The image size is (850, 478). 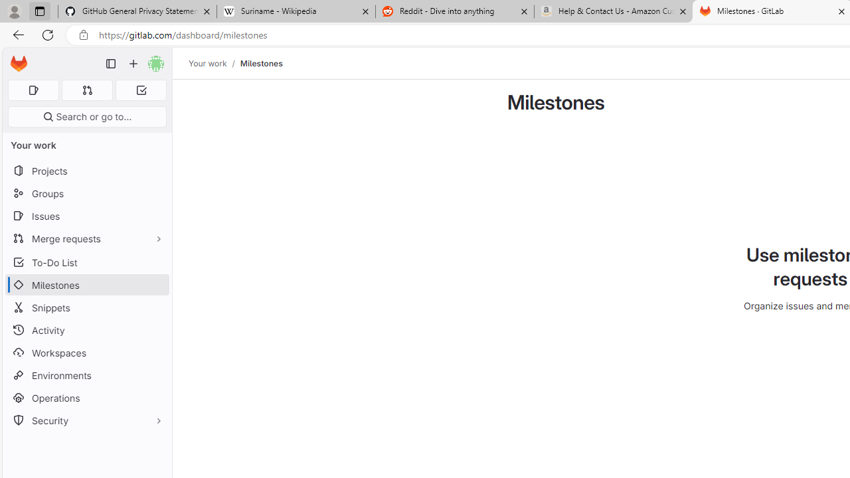 I want to click on 'Primary navigation sidebar', so click(x=111, y=64).